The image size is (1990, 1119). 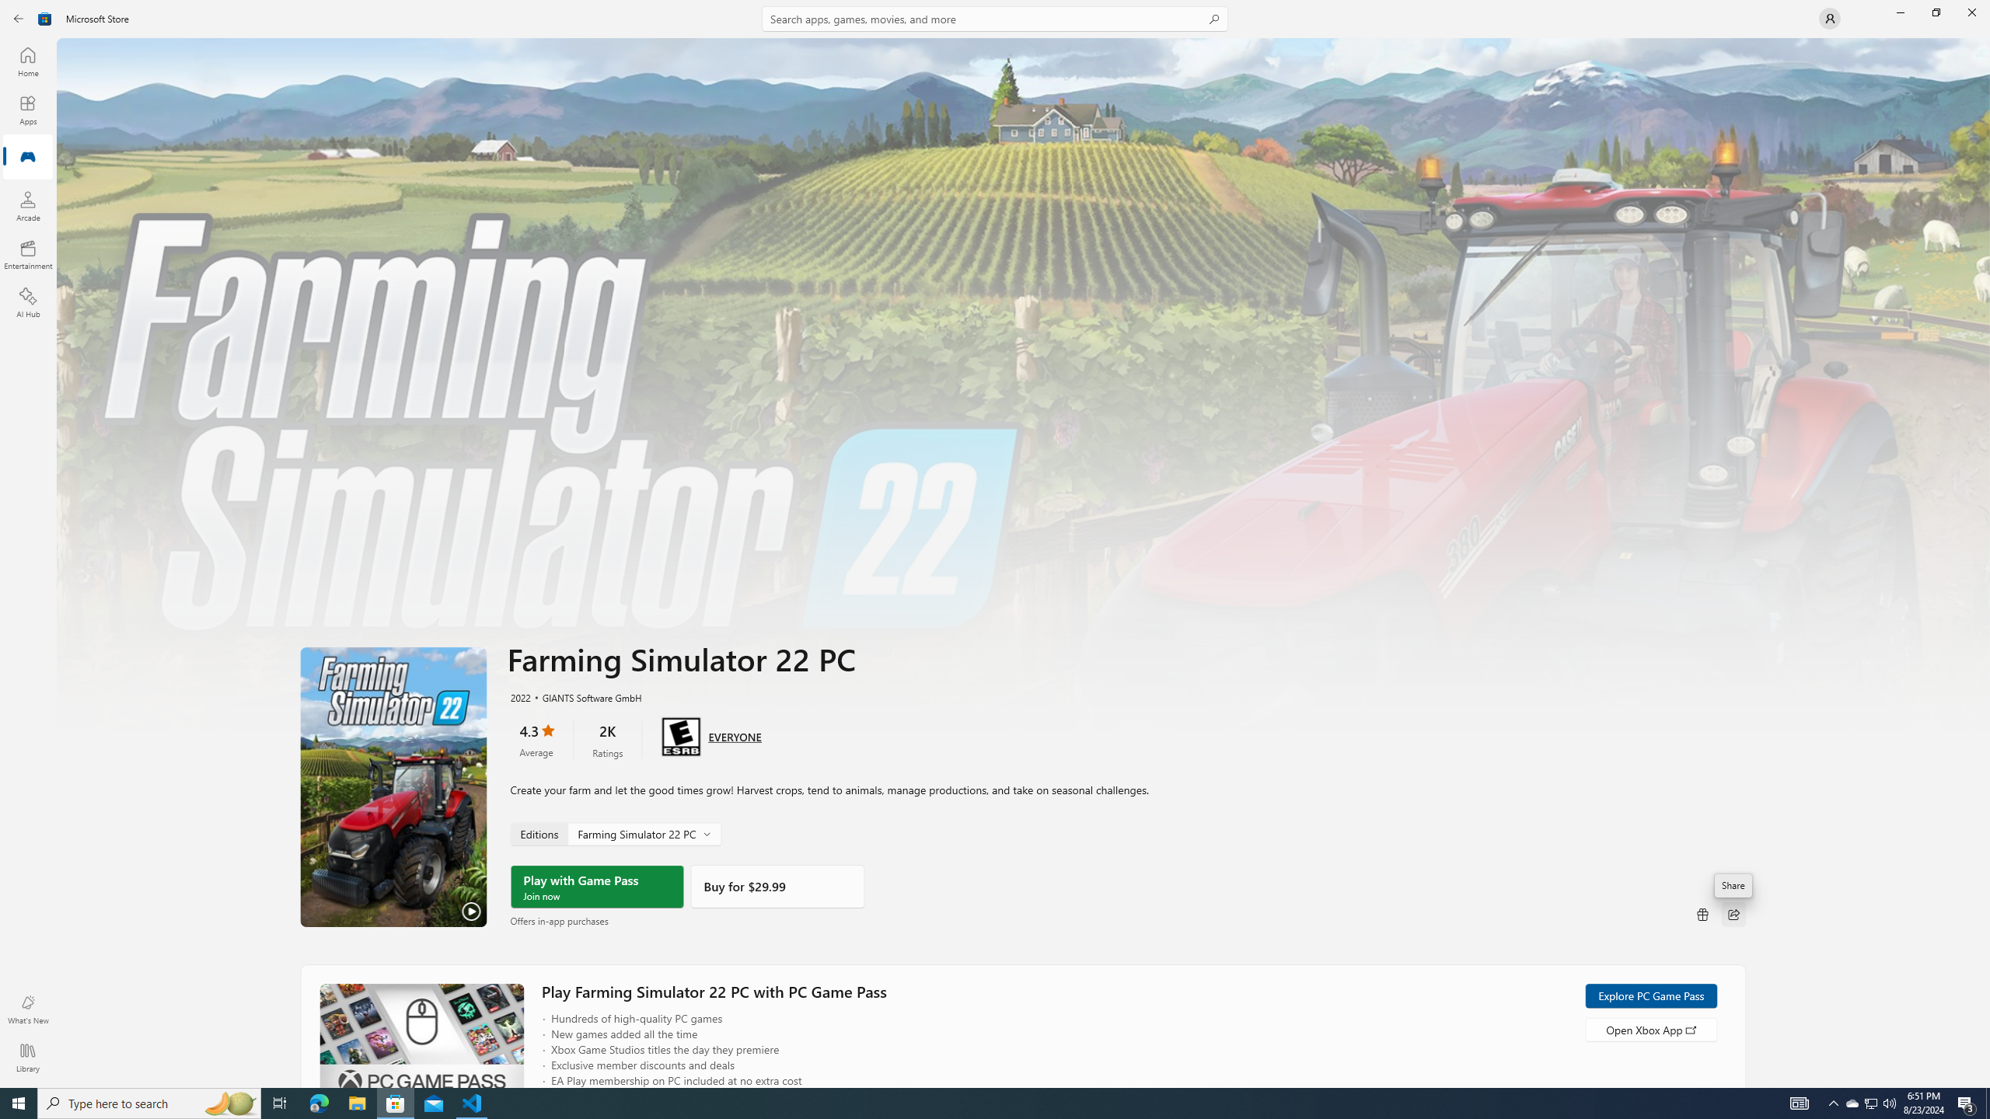 I want to click on 'Search', so click(x=995, y=18).